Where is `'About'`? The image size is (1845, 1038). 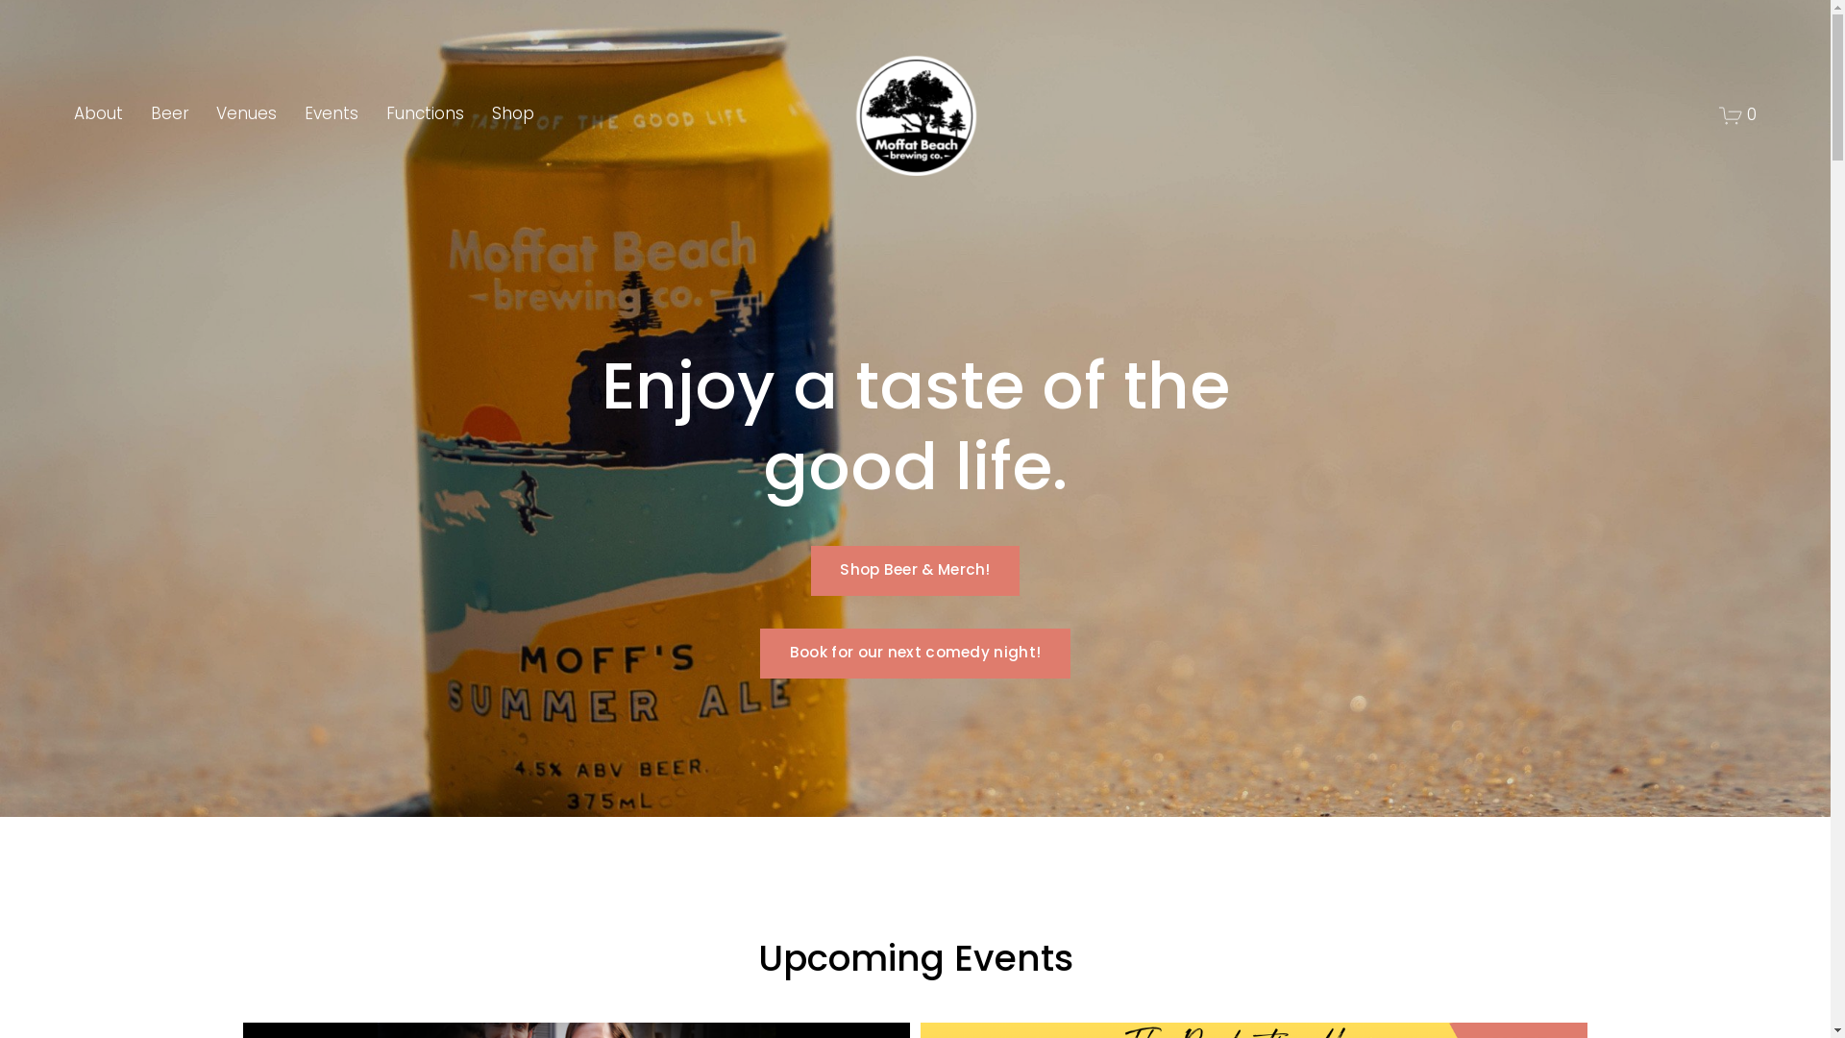
'About' is located at coordinates (97, 114).